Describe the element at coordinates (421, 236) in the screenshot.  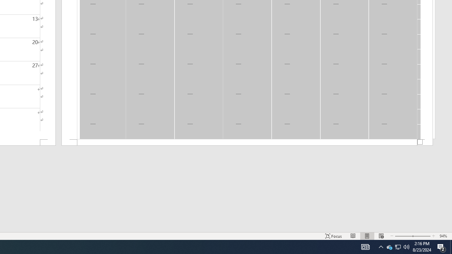
I see `'Zoom In'` at that location.